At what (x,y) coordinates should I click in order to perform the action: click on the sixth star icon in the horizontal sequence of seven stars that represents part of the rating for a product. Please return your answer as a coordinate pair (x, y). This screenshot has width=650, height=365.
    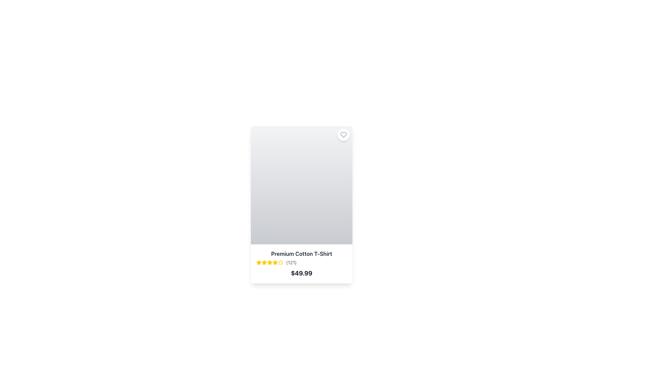
    Looking at the image, I should click on (275, 262).